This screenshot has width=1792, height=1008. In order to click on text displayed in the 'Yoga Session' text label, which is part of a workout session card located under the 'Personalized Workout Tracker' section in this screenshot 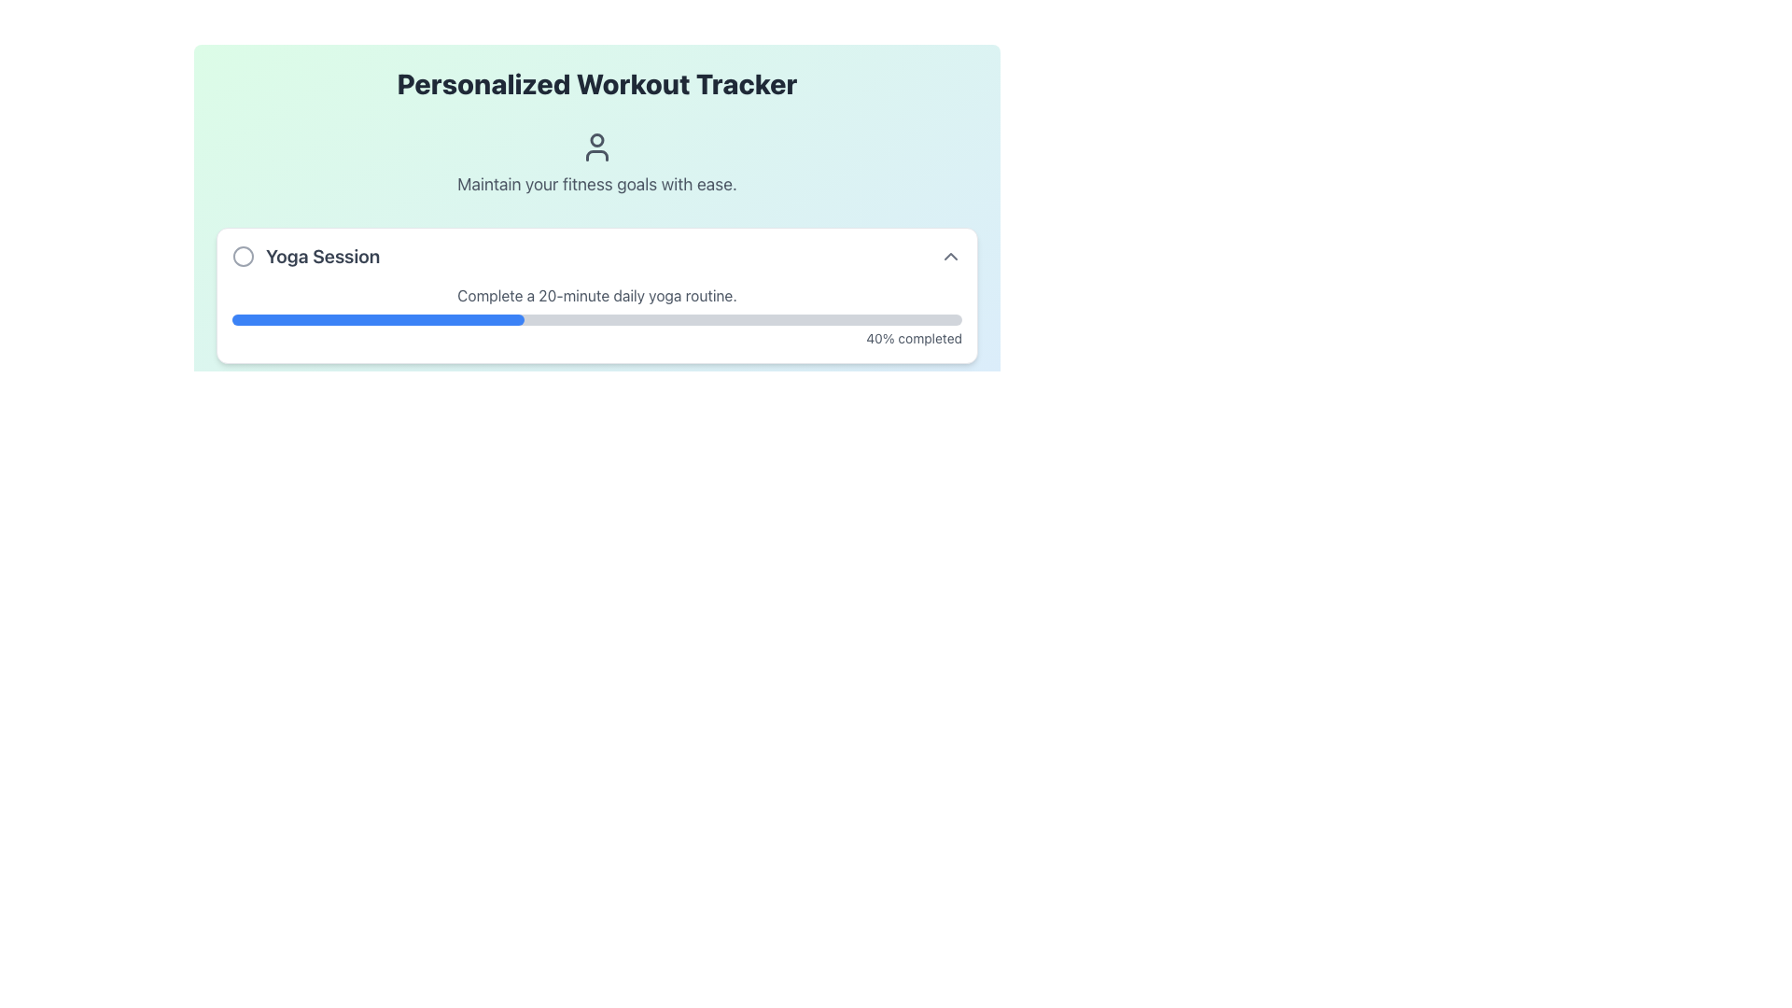, I will do `click(323, 256)`.